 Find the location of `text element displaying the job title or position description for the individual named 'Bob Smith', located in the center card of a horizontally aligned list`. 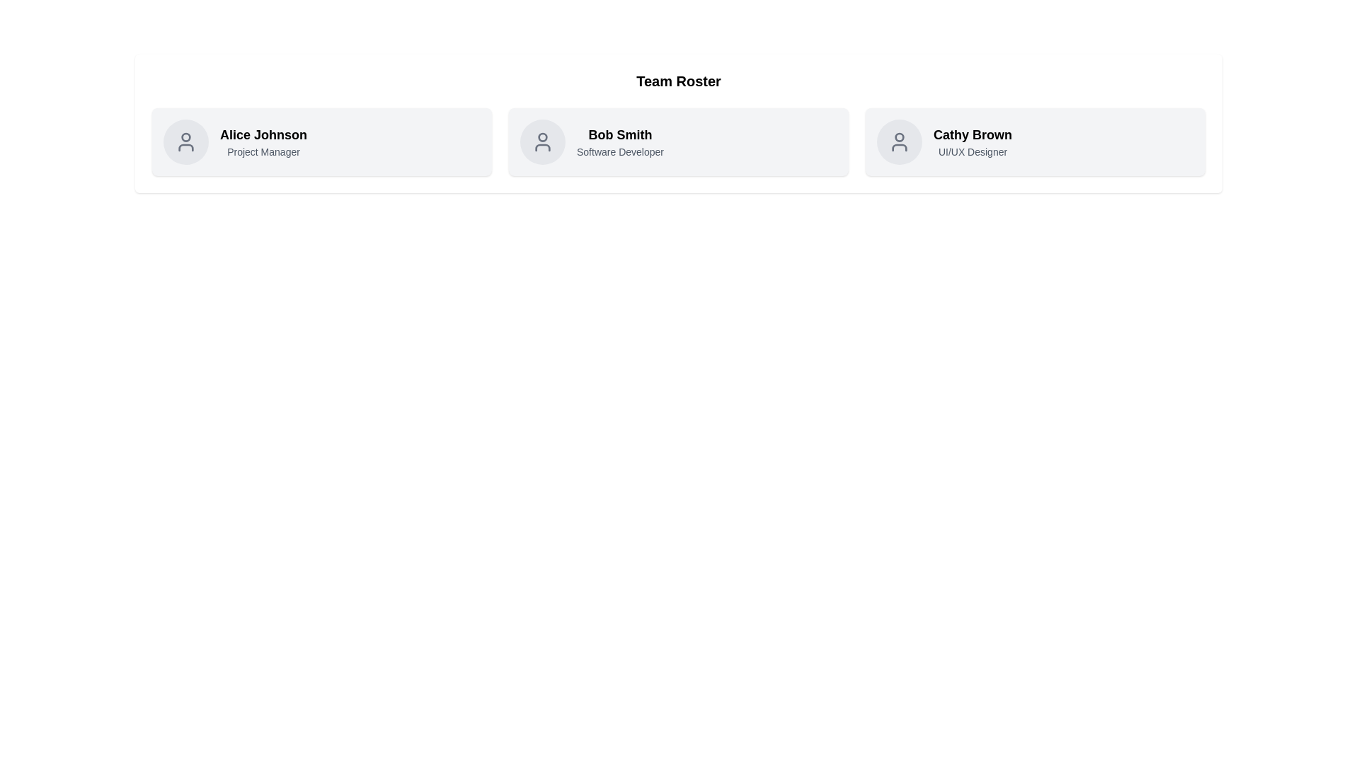

text element displaying the job title or position description for the individual named 'Bob Smith', located in the center card of a horizontally aligned list is located at coordinates (620, 152).